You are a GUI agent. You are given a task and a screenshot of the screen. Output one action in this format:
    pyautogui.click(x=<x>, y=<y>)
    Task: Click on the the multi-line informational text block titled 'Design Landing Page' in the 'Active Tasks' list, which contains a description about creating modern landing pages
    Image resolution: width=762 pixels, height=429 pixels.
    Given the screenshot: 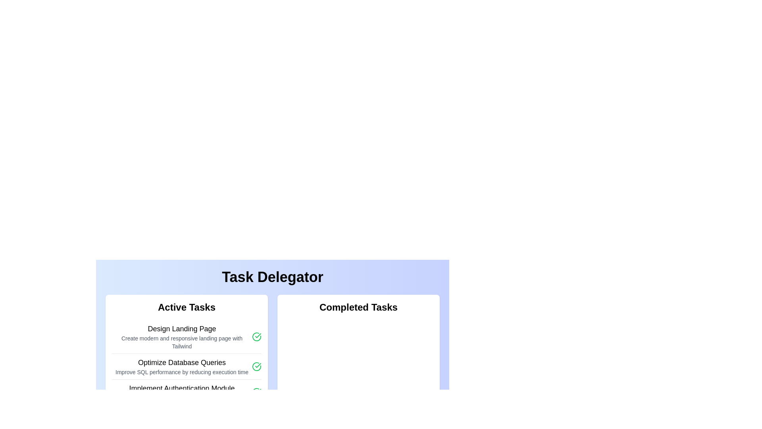 What is the action you would take?
    pyautogui.click(x=181, y=337)
    